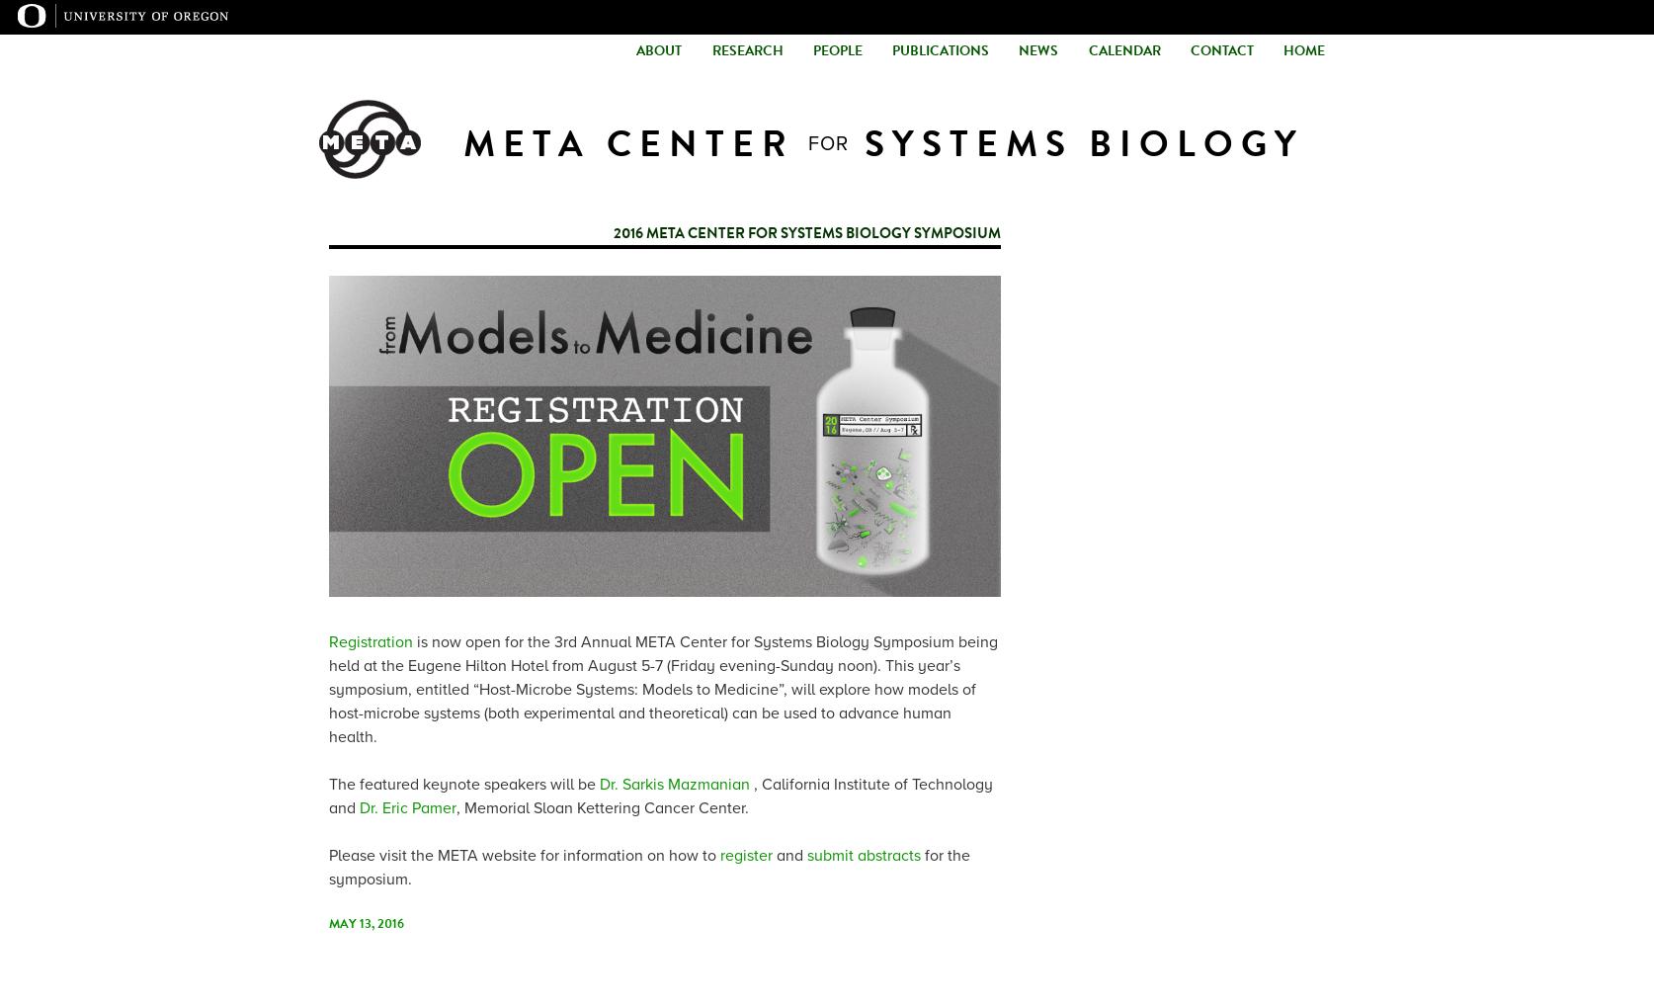  Describe the element at coordinates (649, 868) in the screenshot. I see `'for the symposium.'` at that location.